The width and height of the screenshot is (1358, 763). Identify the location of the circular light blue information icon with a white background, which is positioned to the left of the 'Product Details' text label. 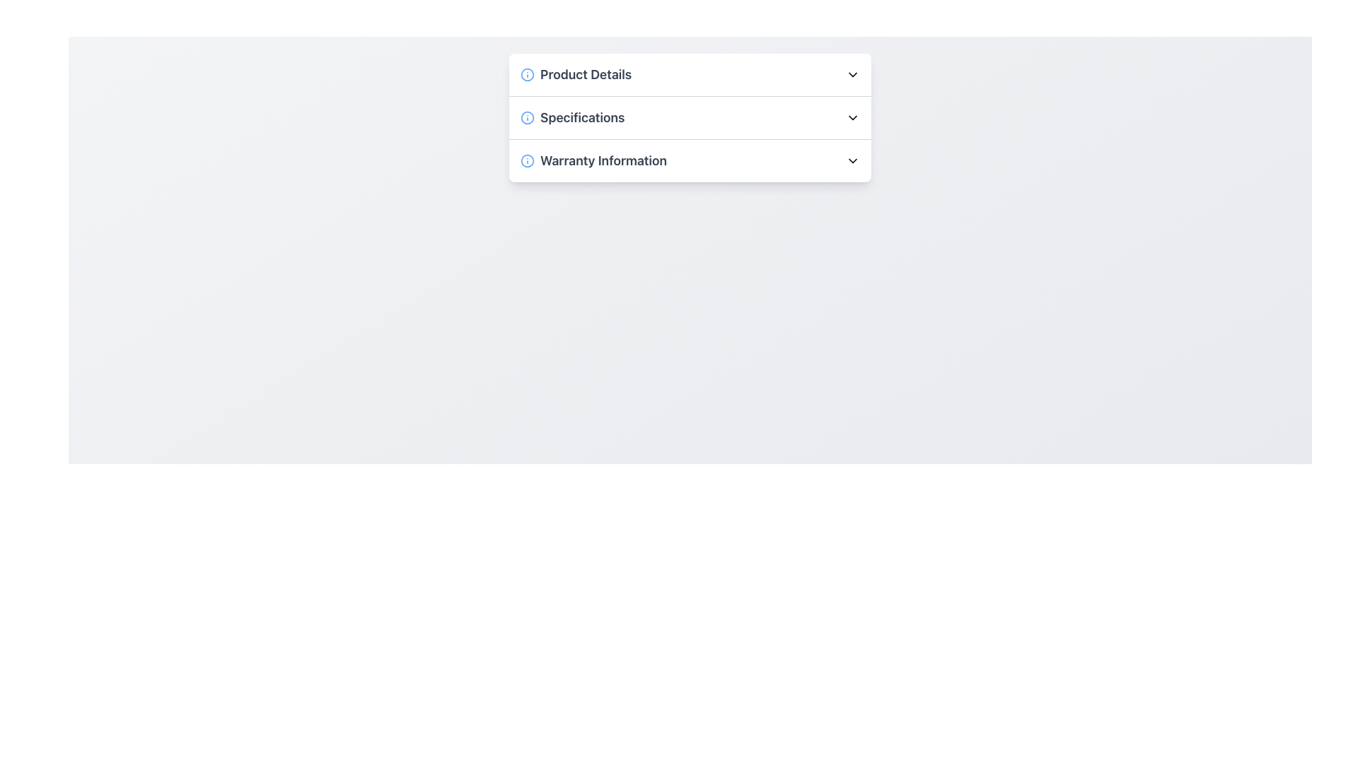
(526, 74).